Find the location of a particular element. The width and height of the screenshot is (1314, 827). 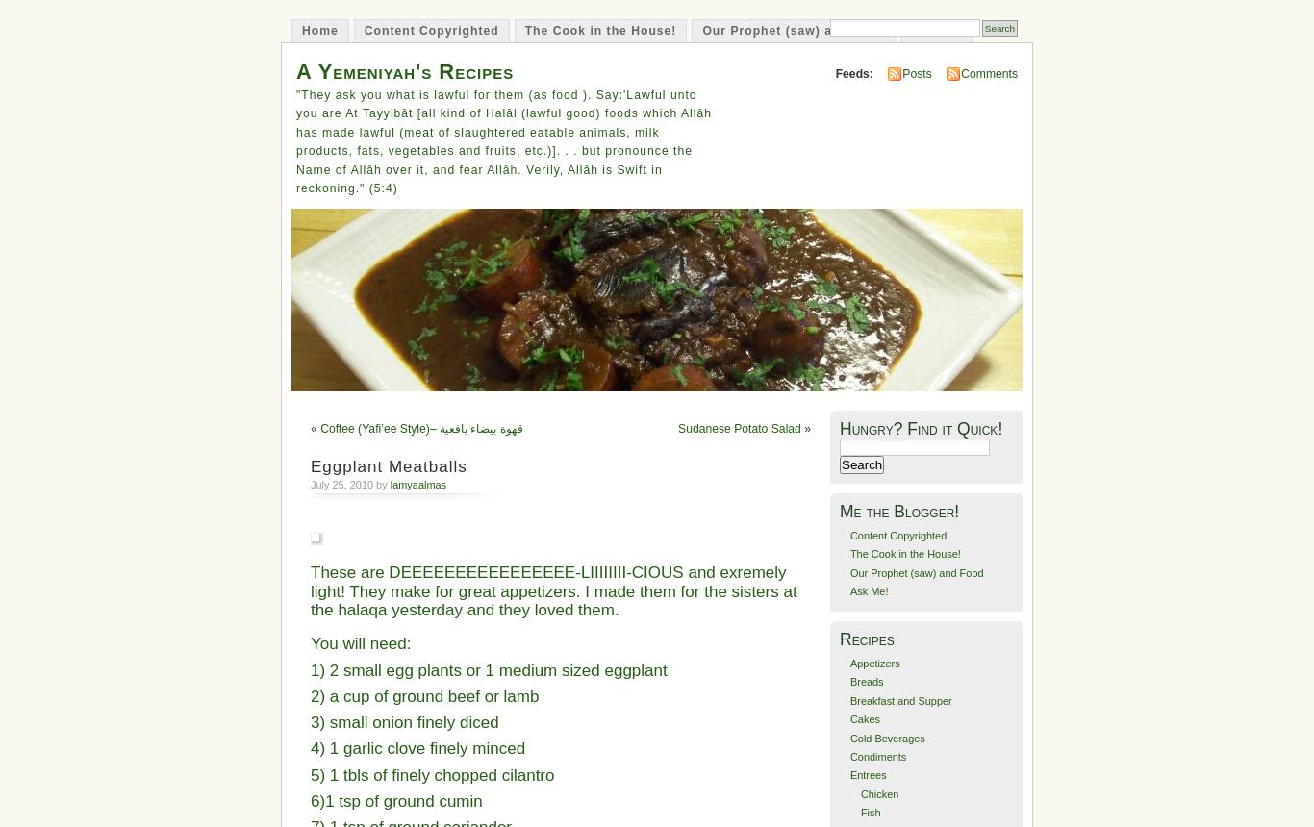

'July 25, 2010 by' is located at coordinates (349, 483).